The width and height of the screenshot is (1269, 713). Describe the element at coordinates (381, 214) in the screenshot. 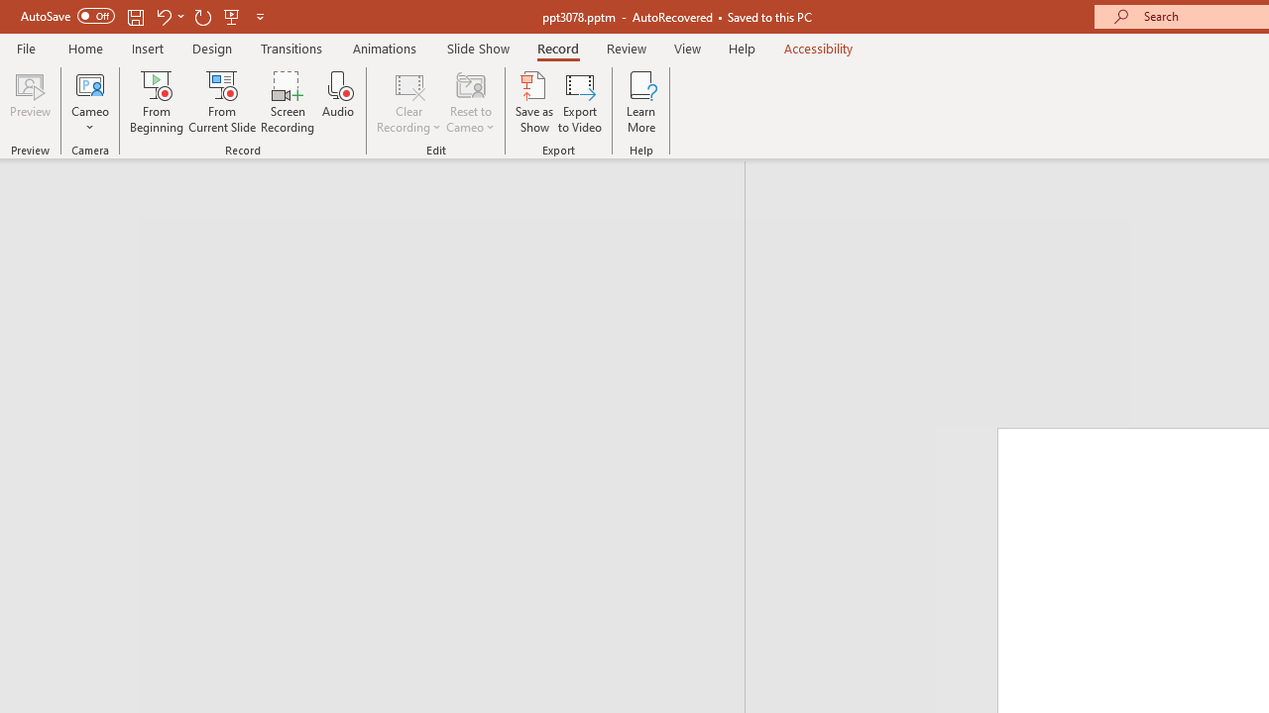

I see `'Outline'` at that location.